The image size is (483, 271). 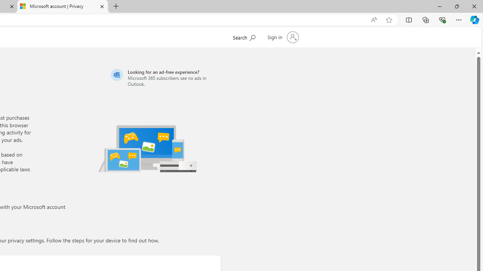 What do you see at coordinates (458, 19) in the screenshot?
I see `'Settings and more (Alt+F)'` at bounding box center [458, 19].